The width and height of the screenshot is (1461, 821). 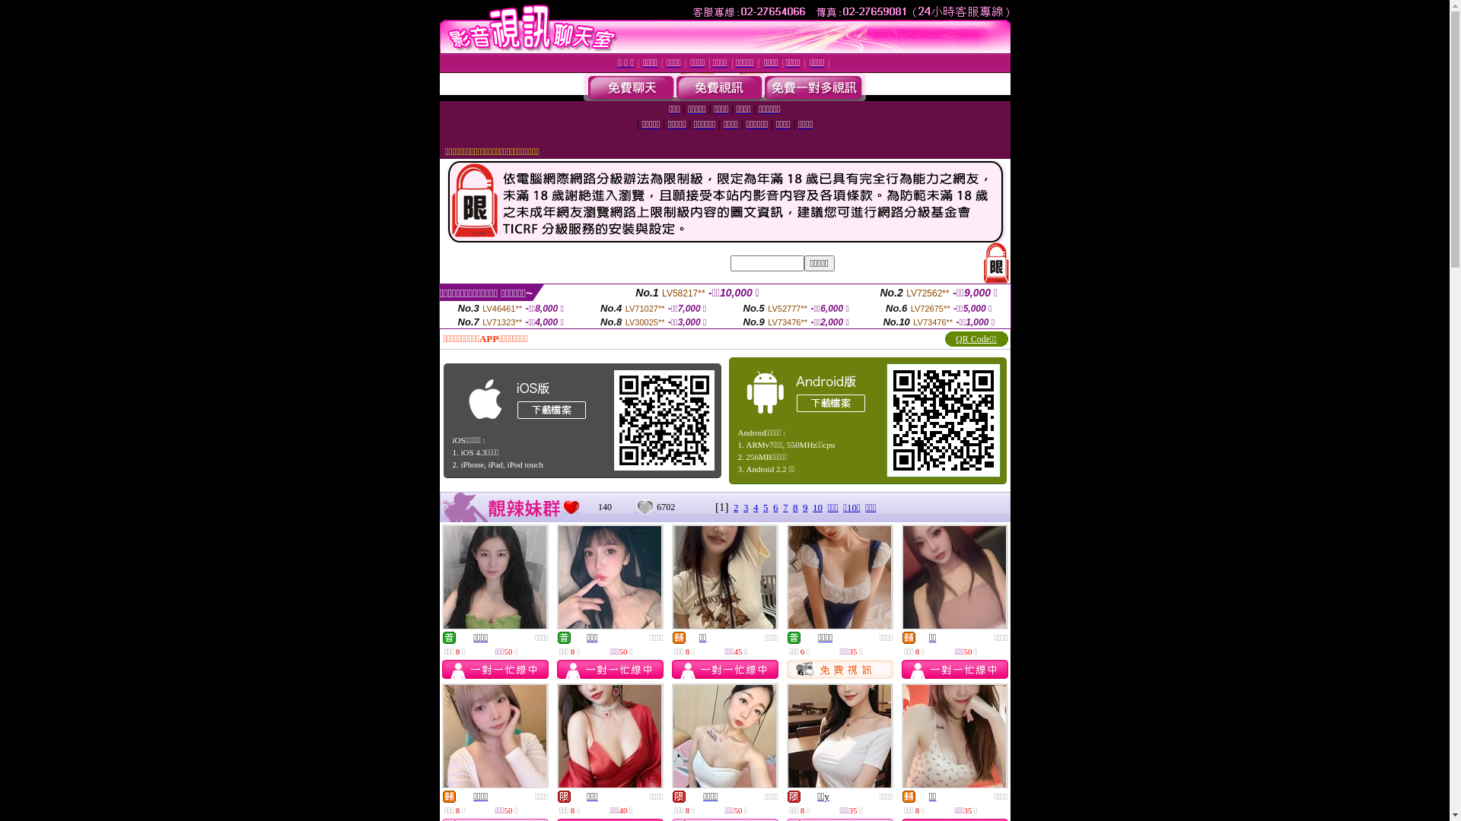 I want to click on '6', so click(x=773, y=507).